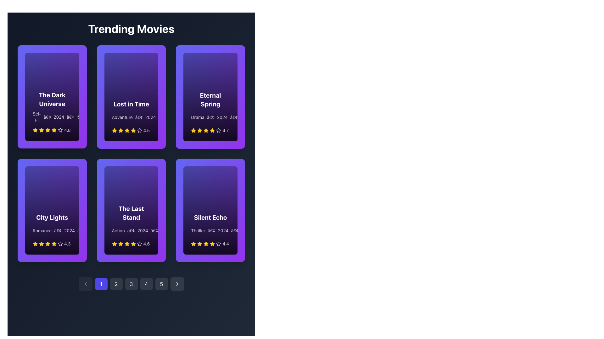 The image size is (604, 339). I want to click on the fourth rating star icon located directly below the movie card for 'The Last Stand', which is positioned in the second row and second column of the movie grid, so click(139, 243).